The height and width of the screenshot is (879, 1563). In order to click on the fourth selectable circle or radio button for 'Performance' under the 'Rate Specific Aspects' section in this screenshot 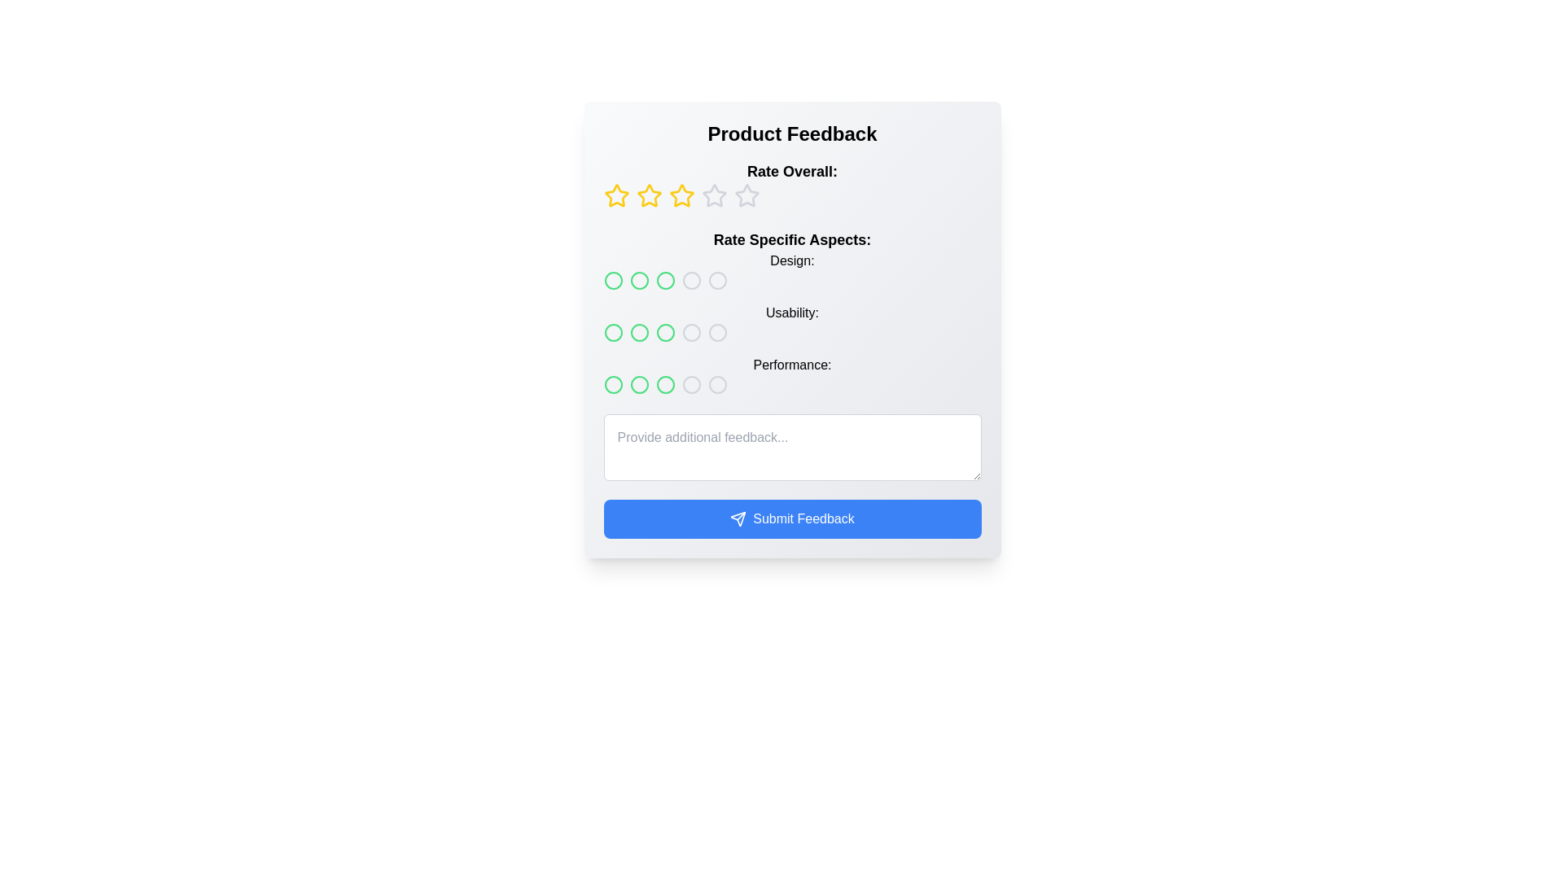, I will do `click(691, 385)`.